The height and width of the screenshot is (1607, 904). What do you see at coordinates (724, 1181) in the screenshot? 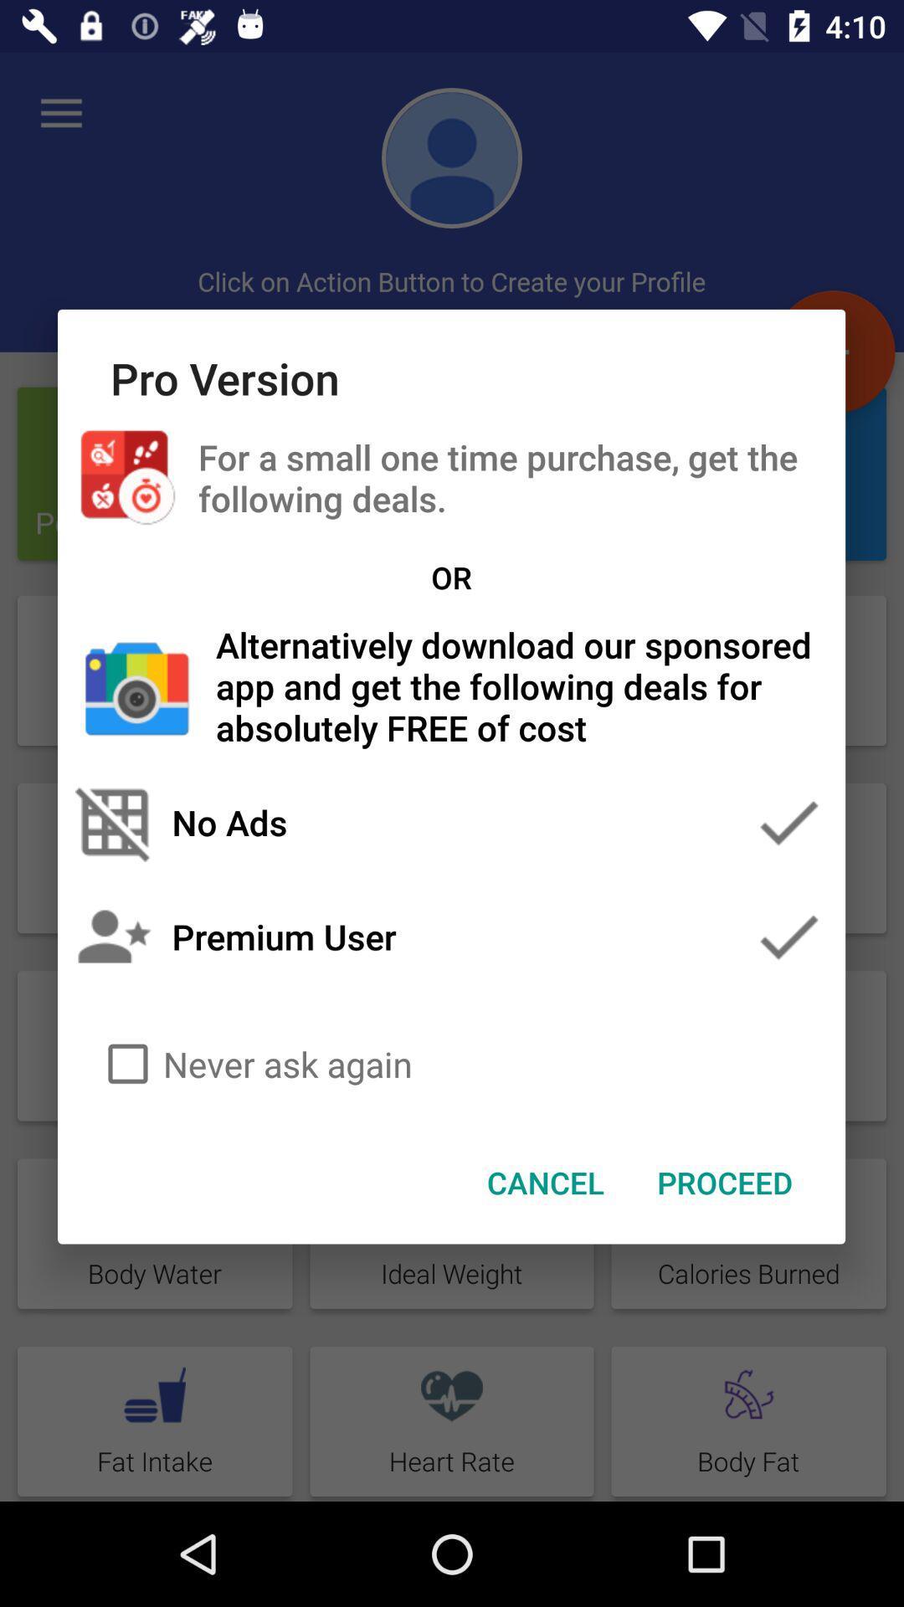
I see `the proceed` at bounding box center [724, 1181].